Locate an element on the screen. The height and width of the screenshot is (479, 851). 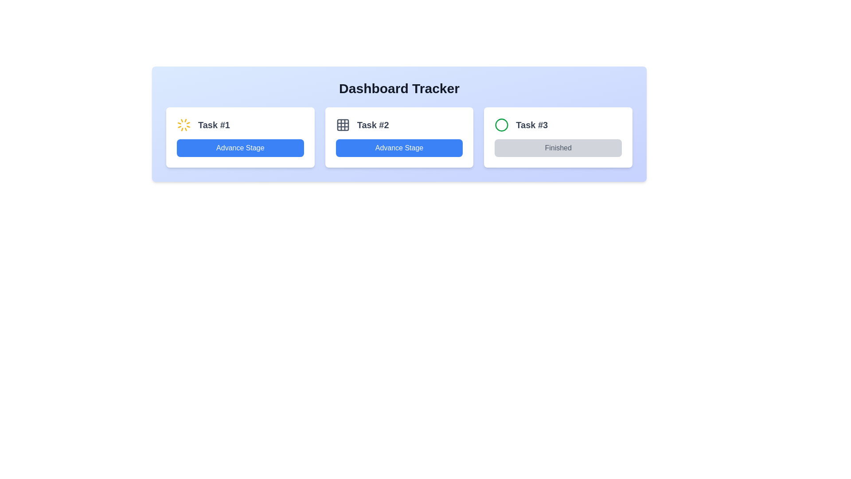
the Loading spinner icon located at the top left corner of the Task #1 card, next to the text 'Task #1' is located at coordinates (183, 125).